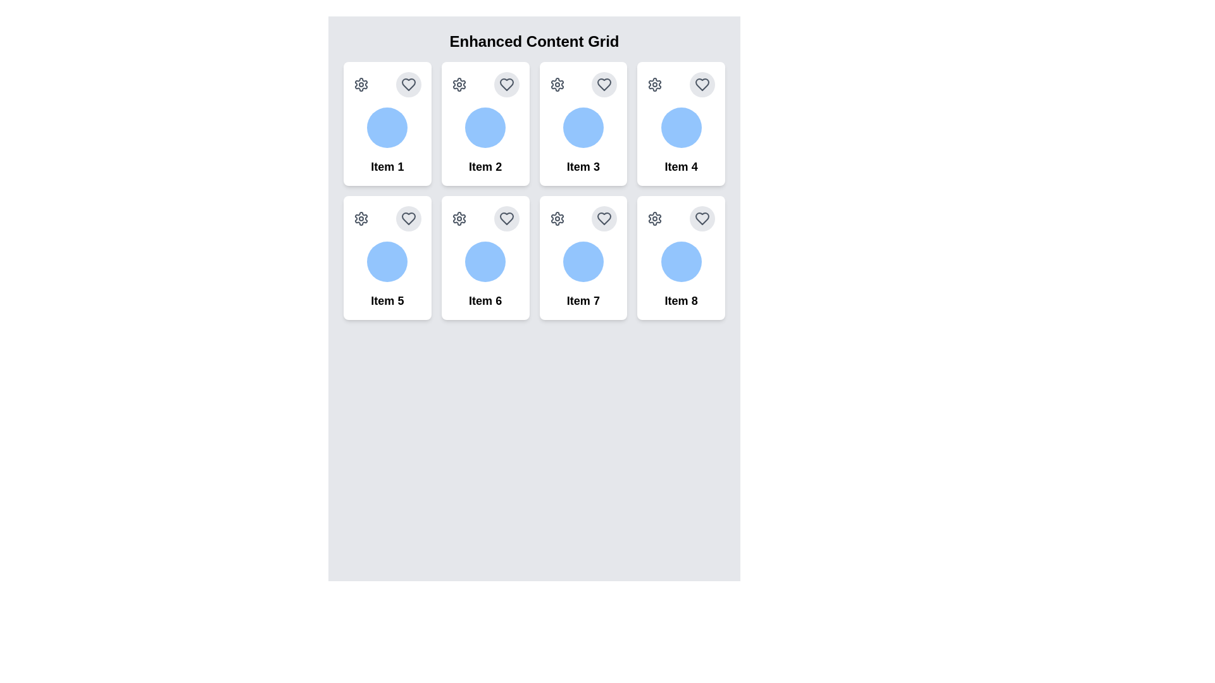 Image resolution: width=1215 pixels, height=683 pixels. Describe the element at coordinates (458, 218) in the screenshot. I see `the settings gear icon located in the top-left corner of the card labeled 'Item 6' in the second row and second column` at that location.